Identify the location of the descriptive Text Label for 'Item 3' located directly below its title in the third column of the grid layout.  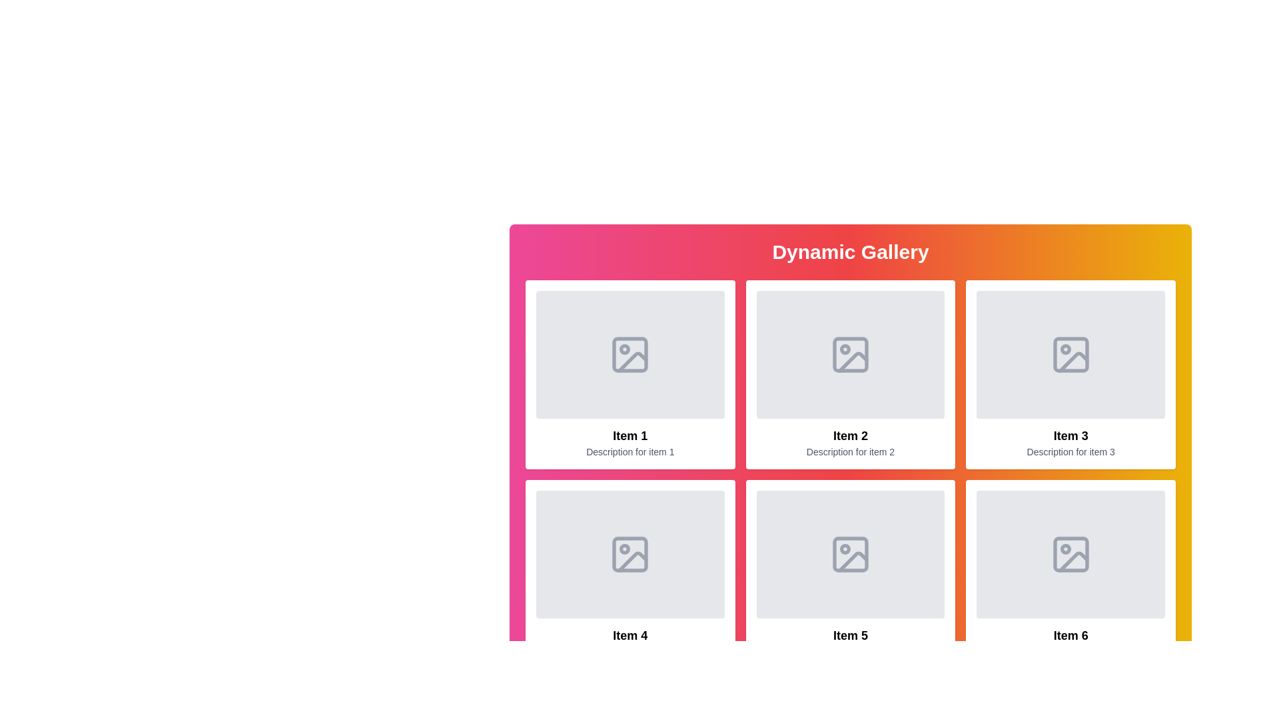
(1070, 451).